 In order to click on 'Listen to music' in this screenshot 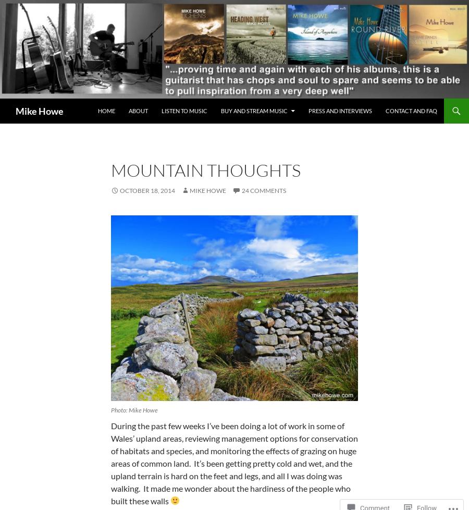, I will do `click(184, 111)`.